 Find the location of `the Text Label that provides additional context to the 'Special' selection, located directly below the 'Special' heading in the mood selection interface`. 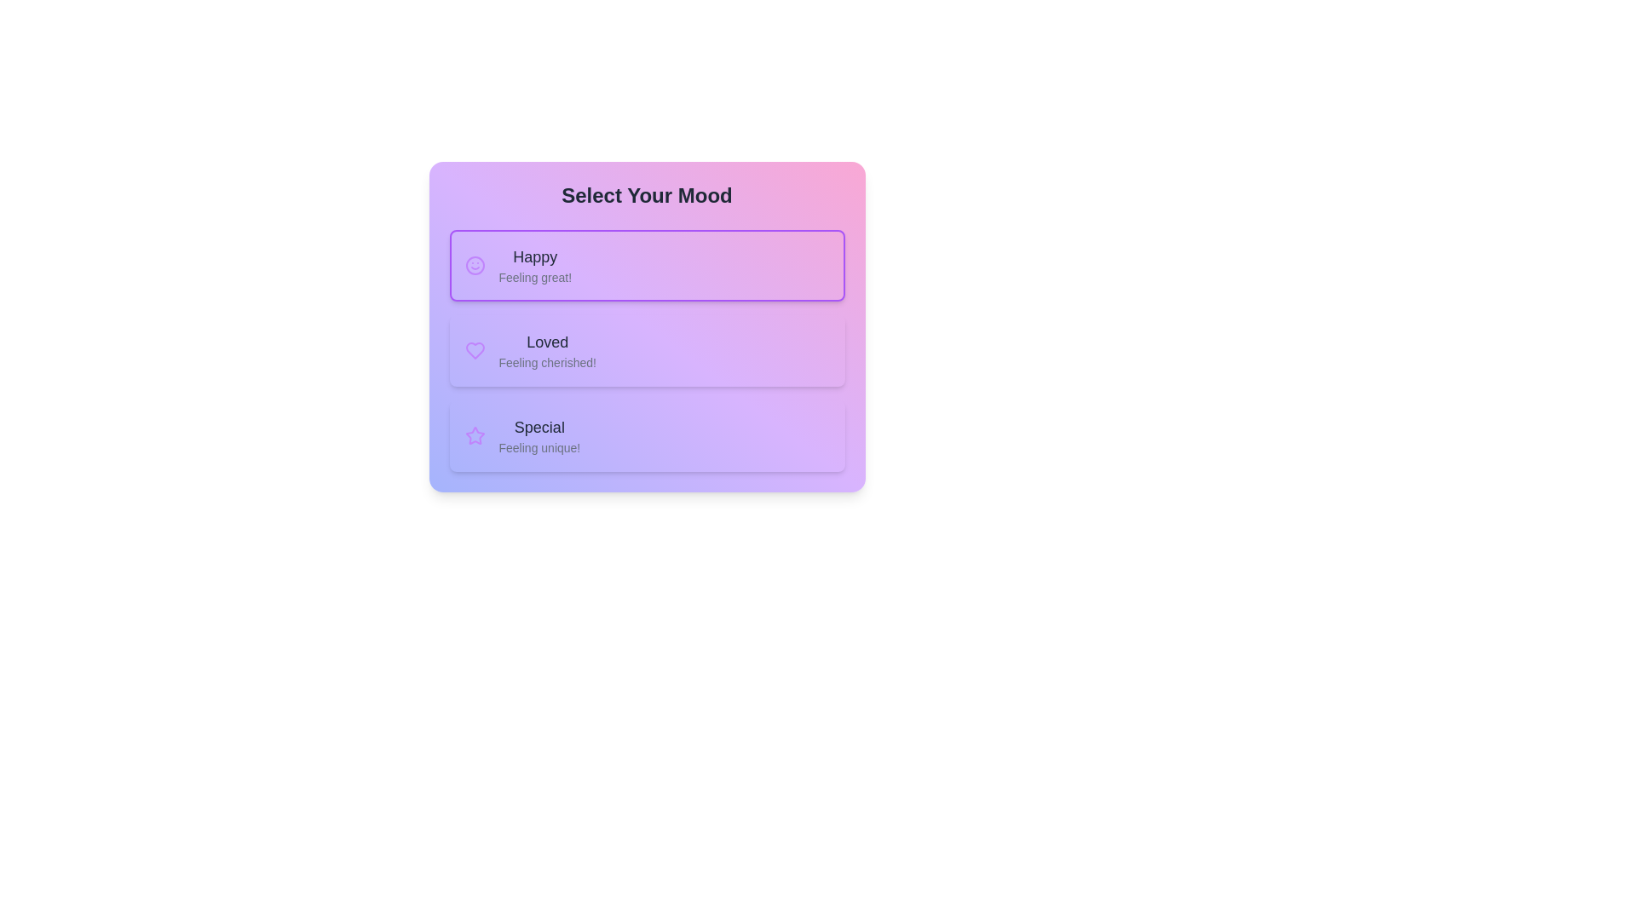

the Text Label that provides additional context to the 'Special' selection, located directly below the 'Special' heading in the mood selection interface is located at coordinates (539, 446).